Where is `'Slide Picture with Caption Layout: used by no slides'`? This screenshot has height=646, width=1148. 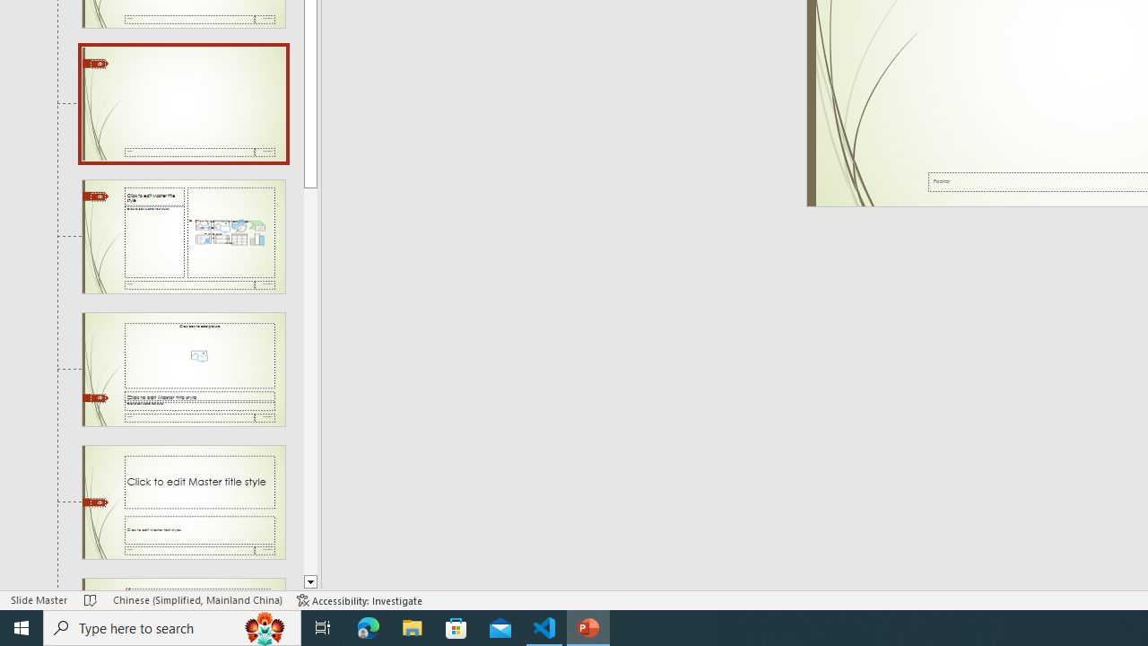
'Slide Picture with Caption Layout: used by no slides' is located at coordinates (183, 369).